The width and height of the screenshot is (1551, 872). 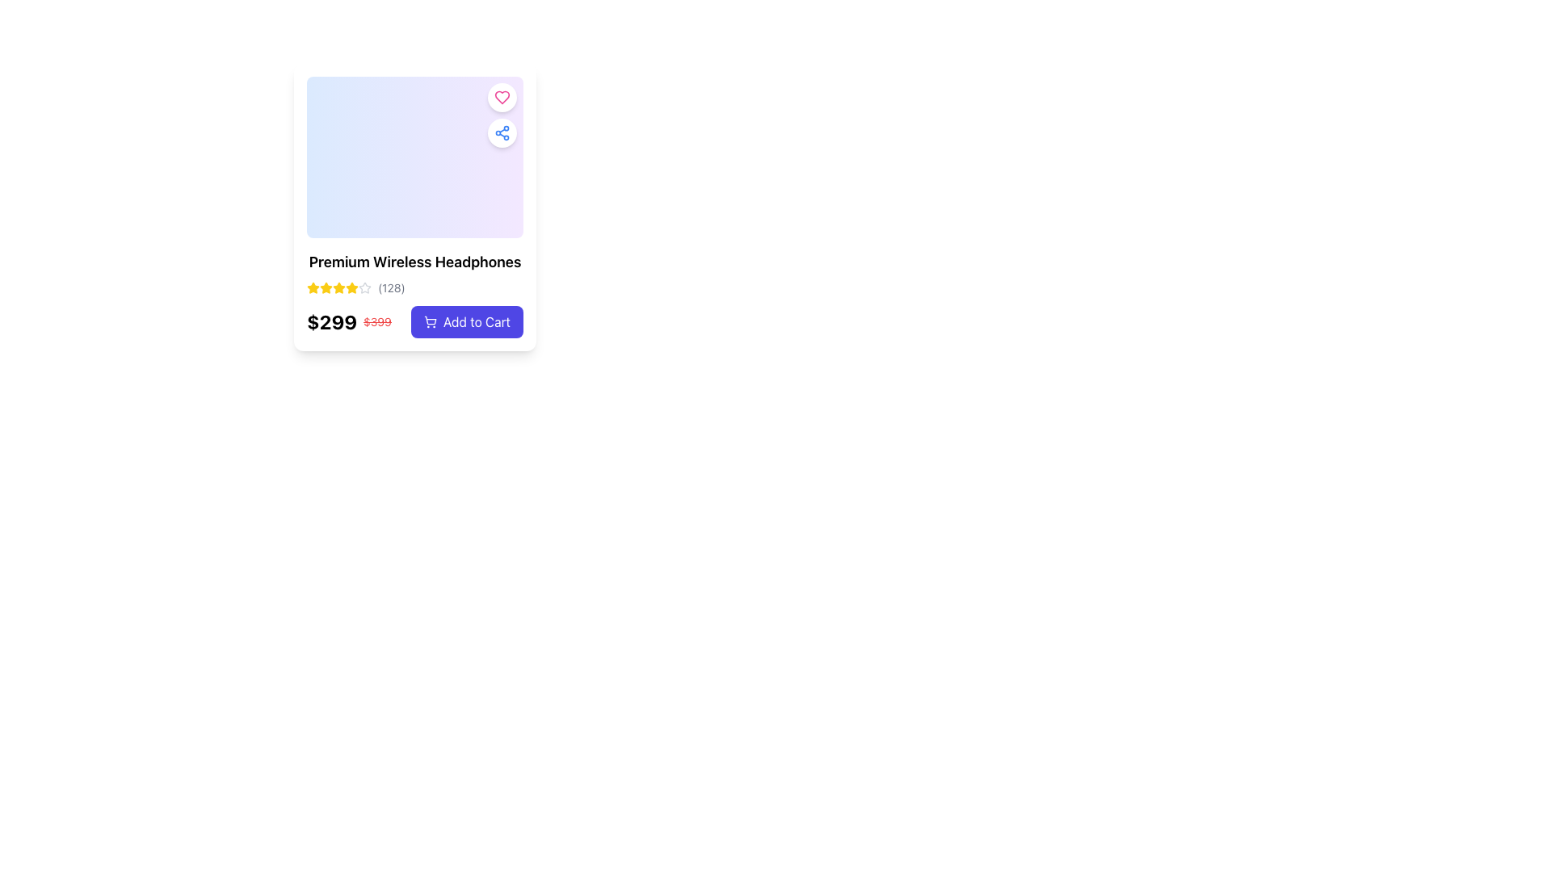 I want to click on the fourth yellow-colored filled star icon in the rating section below 'Premium Wireless Headphones', so click(x=338, y=287).